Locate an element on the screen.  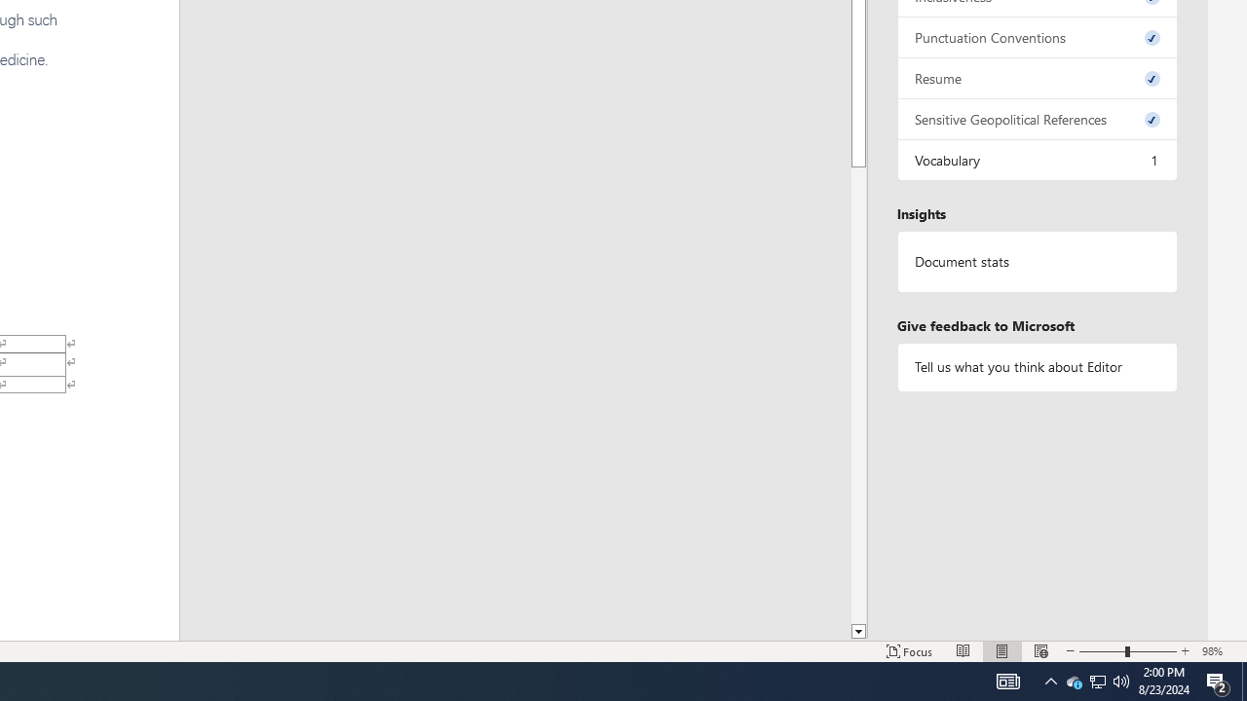
'Line down' is located at coordinates (857, 632).